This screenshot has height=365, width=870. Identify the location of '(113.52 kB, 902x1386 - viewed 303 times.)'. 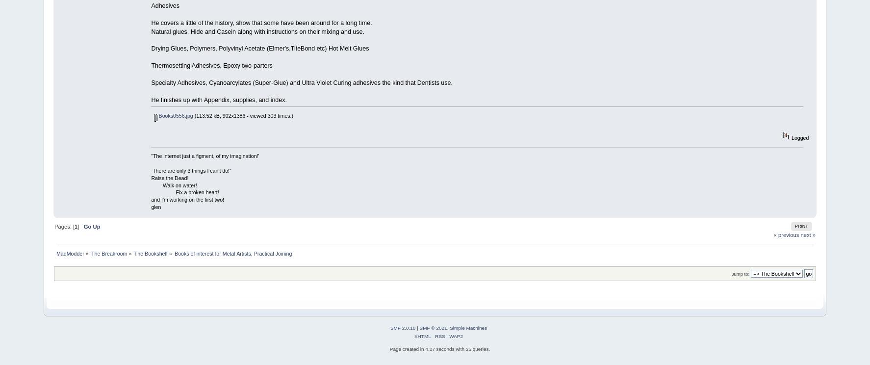
(192, 115).